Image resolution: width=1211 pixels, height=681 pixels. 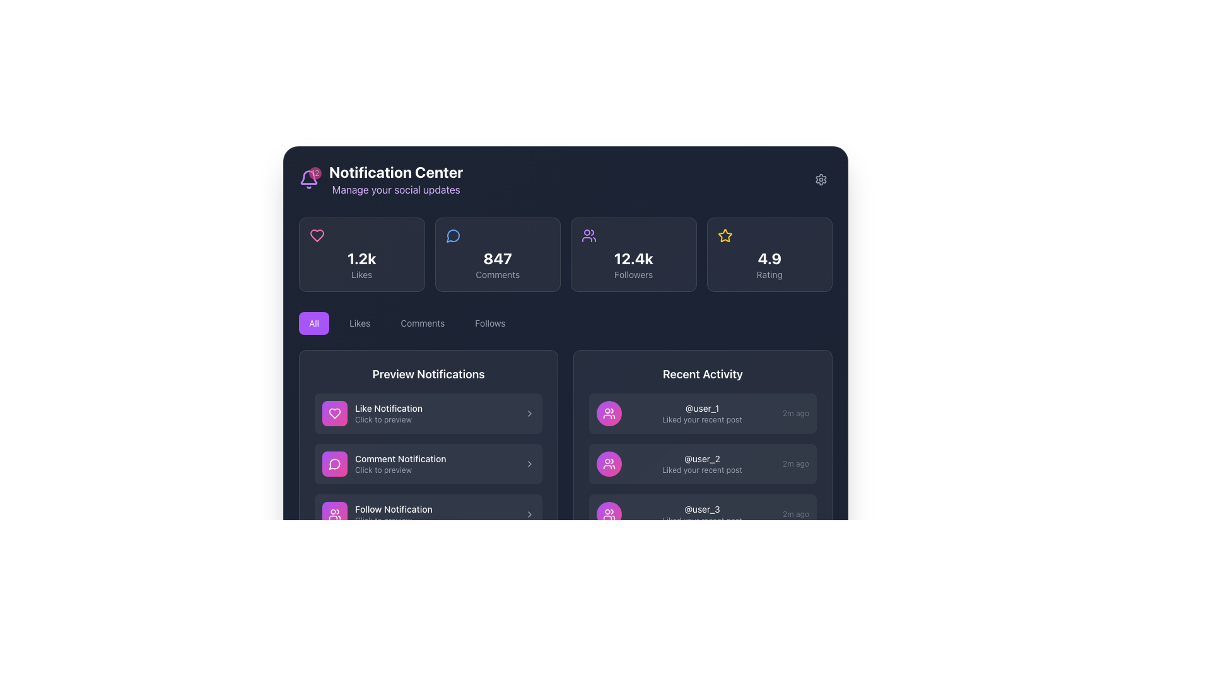 What do you see at coordinates (436, 564) in the screenshot?
I see `the fourth card in the 'Preview Notifications' section that summarizes the 'achievement Notification' and prompts the user to preview it` at bounding box center [436, 564].